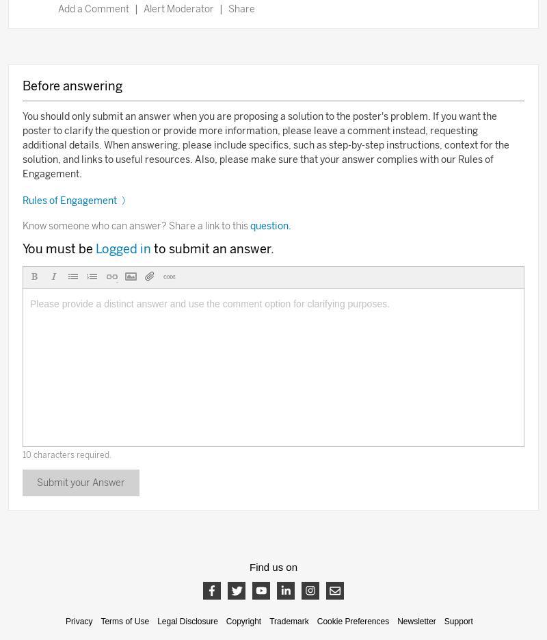 The height and width of the screenshot is (640, 547). What do you see at coordinates (213, 248) in the screenshot?
I see `'to submit an answer.'` at bounding box center [213, 248].